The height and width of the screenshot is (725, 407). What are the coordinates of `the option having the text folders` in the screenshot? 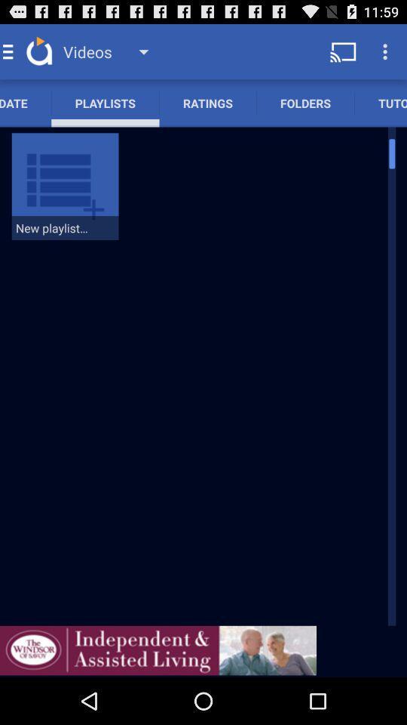 It's located at (305, 102).